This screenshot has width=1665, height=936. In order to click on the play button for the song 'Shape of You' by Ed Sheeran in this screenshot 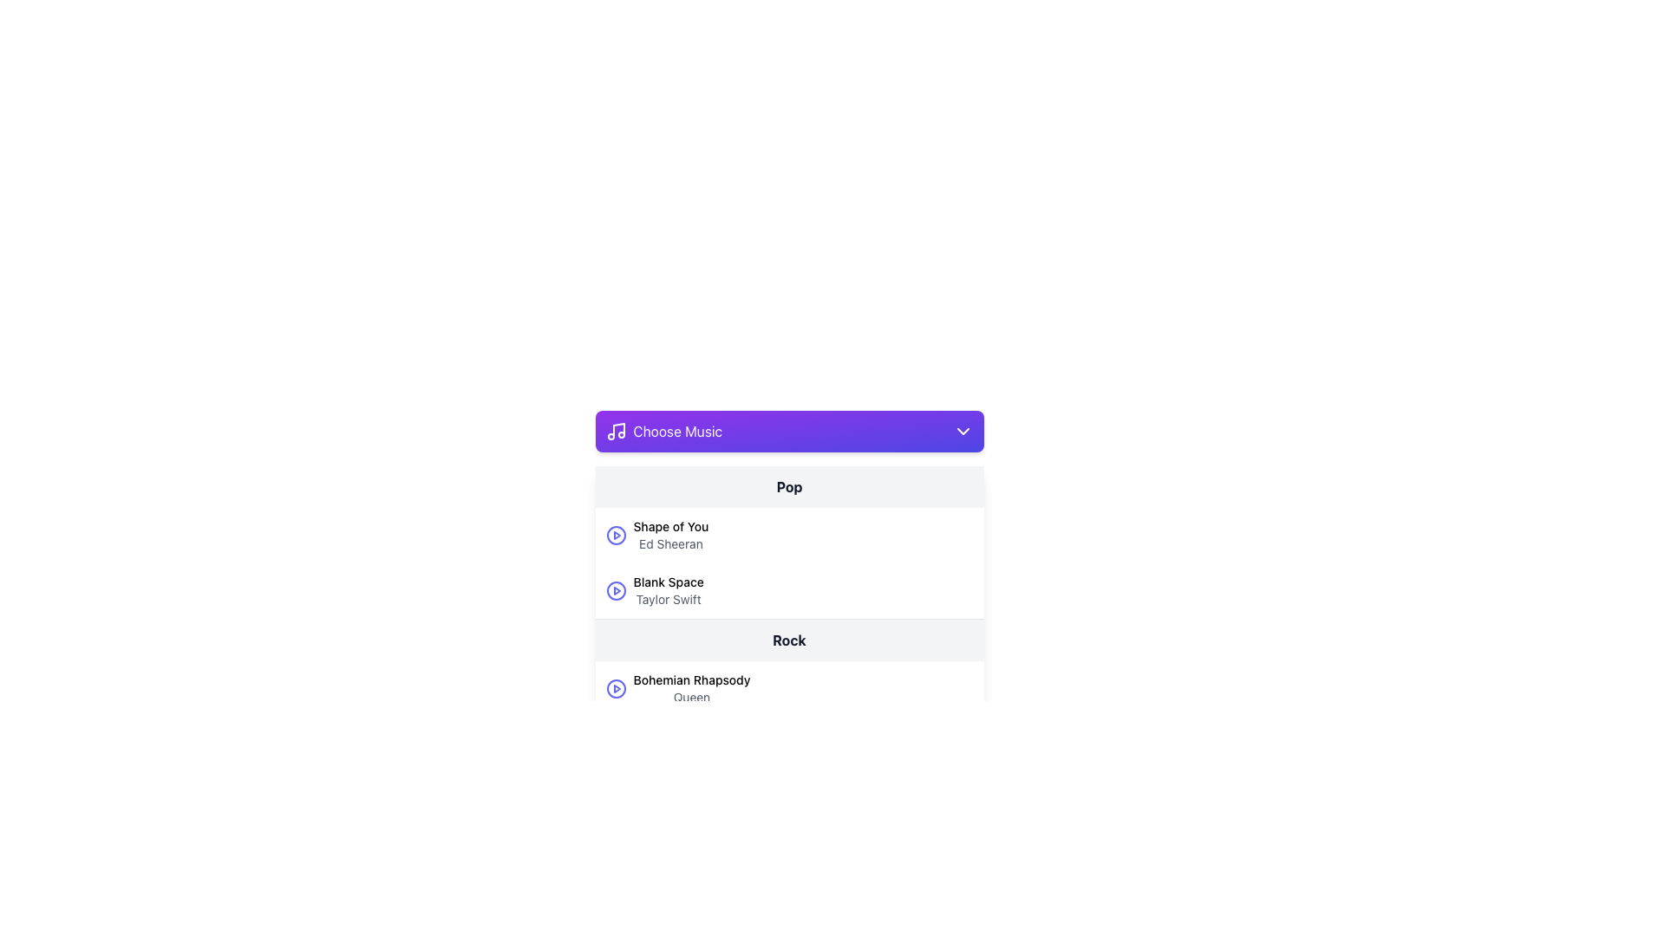, I will do `click(616, 534)`.